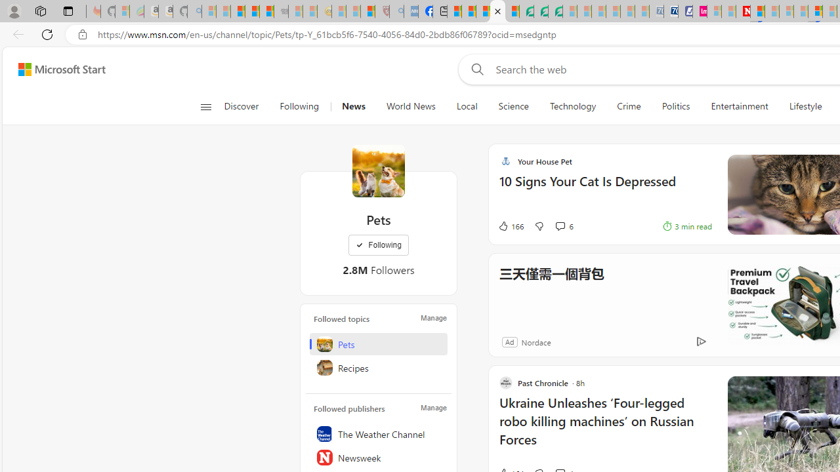 The image size is (840, 472). Describe the element at coordinates (541, 11) in the screenshot. I see `'Terms of Use Agreement'` at that location.